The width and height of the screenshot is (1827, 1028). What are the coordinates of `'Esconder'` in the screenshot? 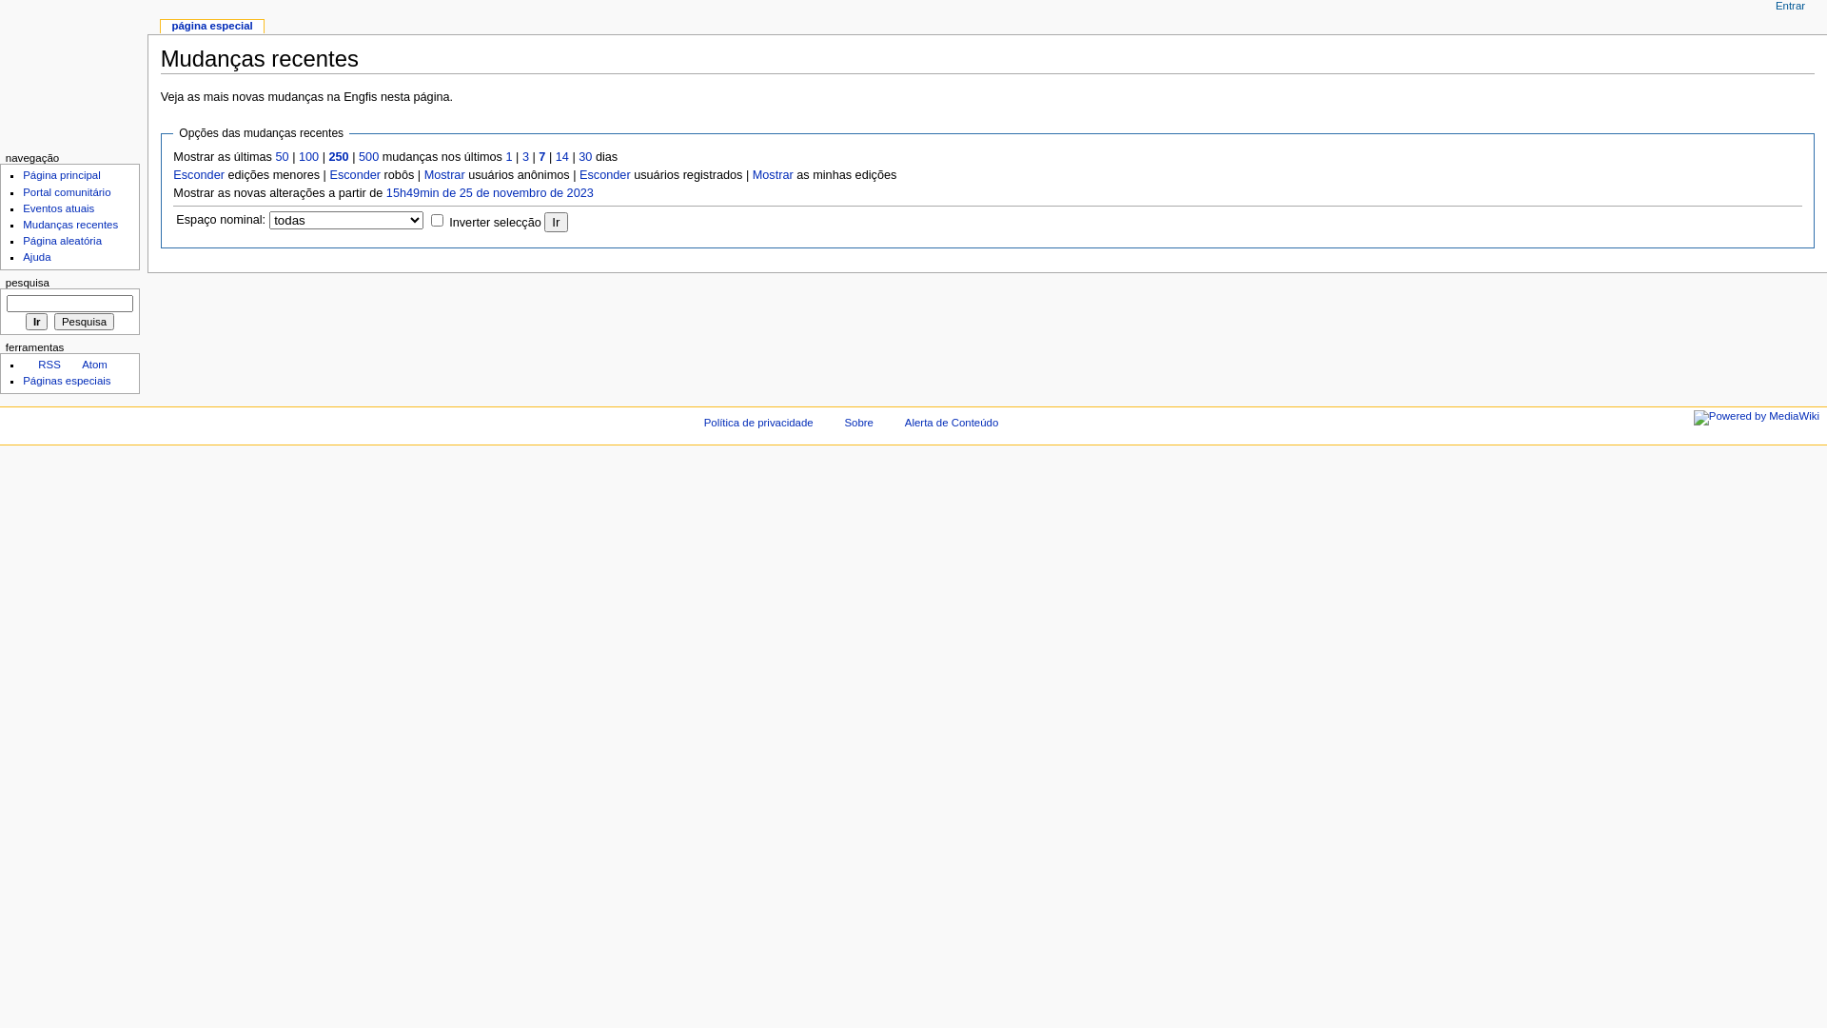 It's located at (355, 175).